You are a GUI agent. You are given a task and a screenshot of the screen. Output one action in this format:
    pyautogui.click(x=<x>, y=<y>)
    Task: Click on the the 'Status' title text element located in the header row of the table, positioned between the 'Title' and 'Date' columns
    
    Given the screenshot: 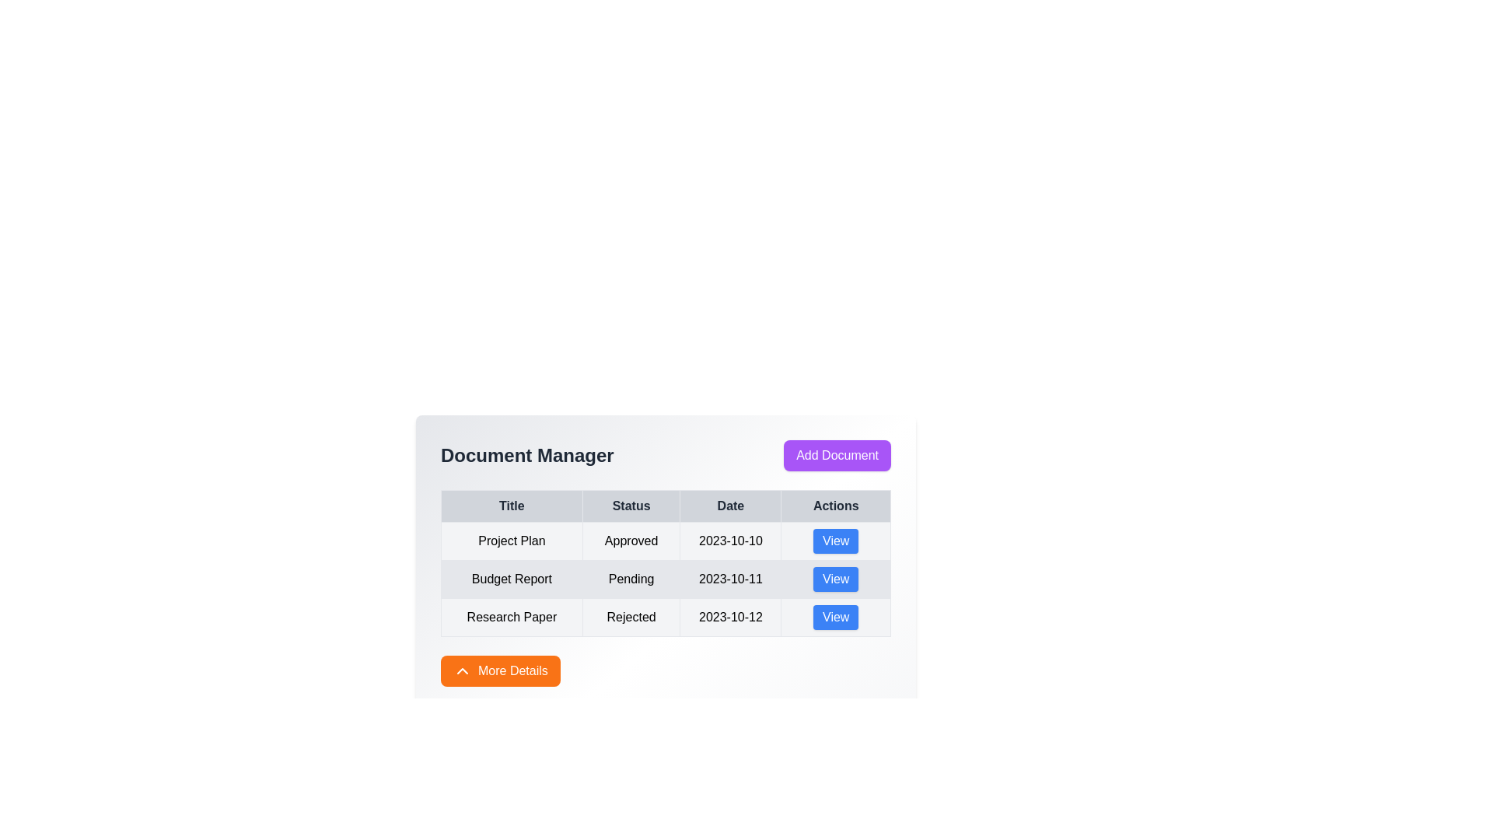 What is the action you would take?
    pyautogui.click(x=631, y=506)
    